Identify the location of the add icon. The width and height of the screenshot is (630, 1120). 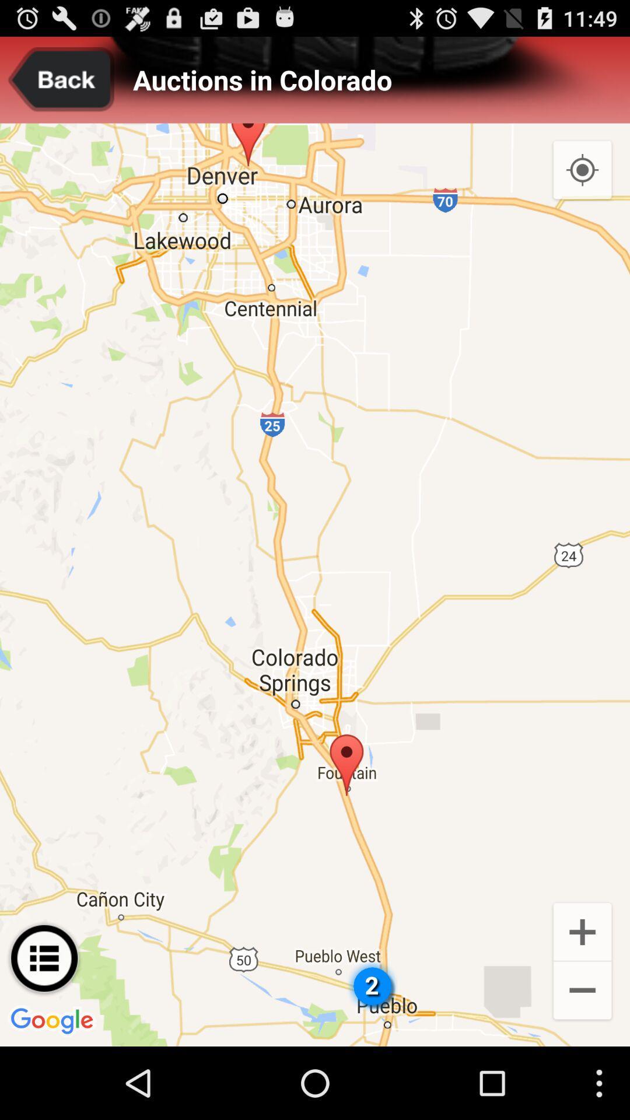
(582, 996).